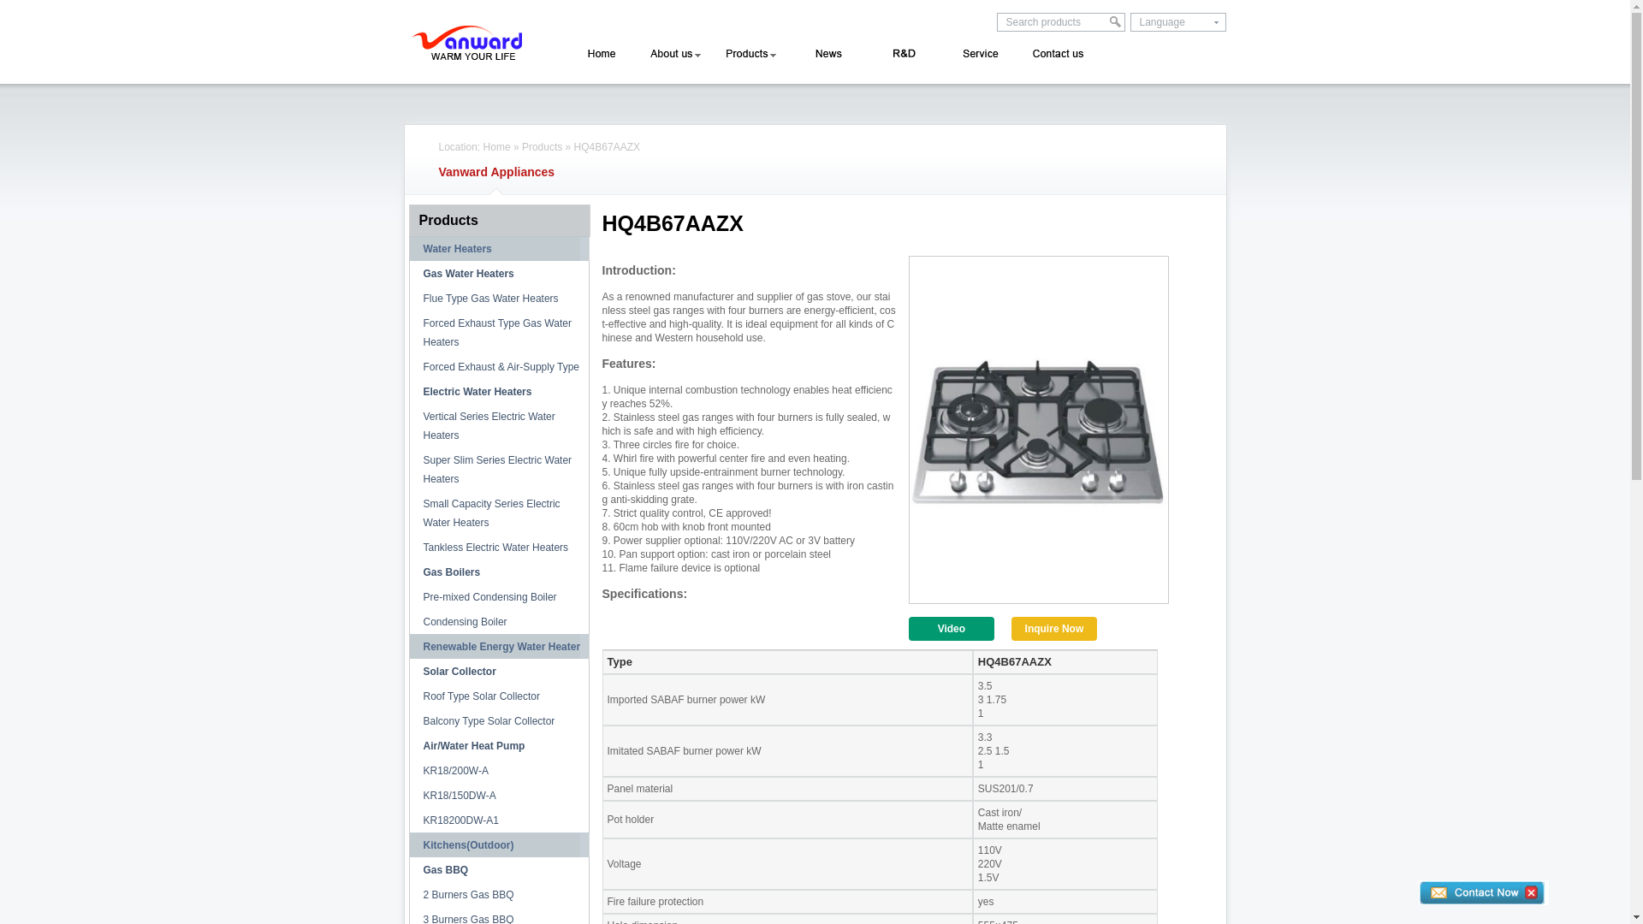 The width and height of the screenshot is (1643, 924). What do you see at coordinates (495, 171) in the screenshot?
I see `'Vanward Appliances'` at bounding box center [495, 171].